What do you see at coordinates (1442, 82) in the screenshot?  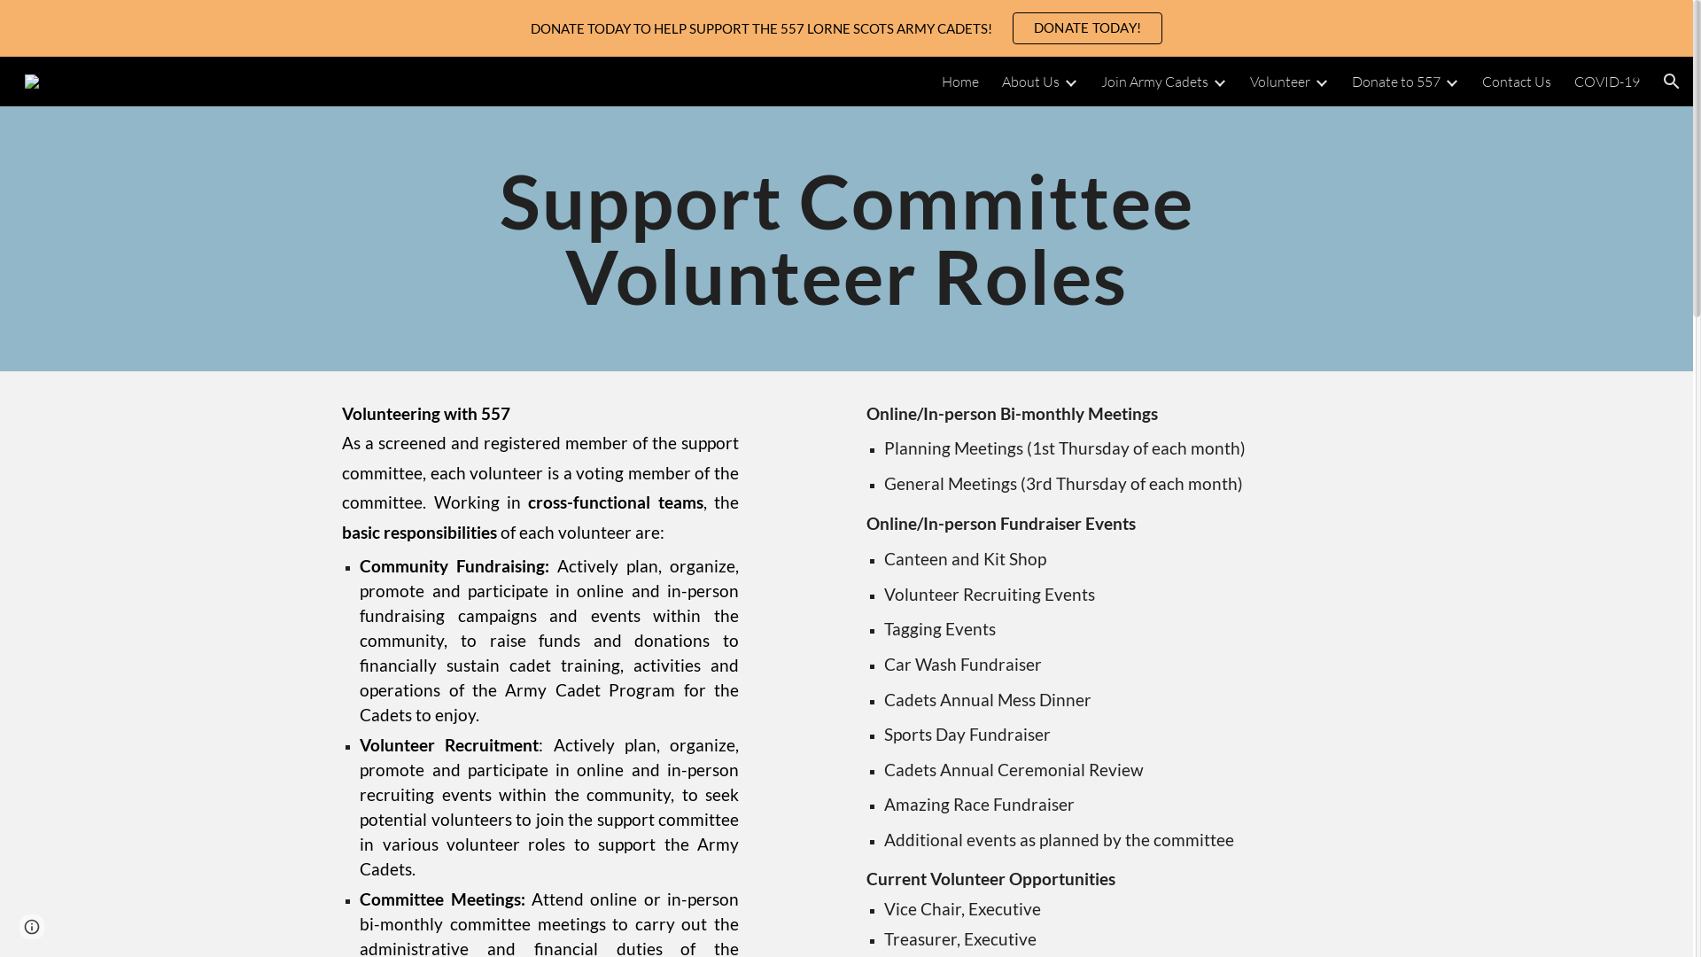 I see `'Expand/Collapse'` at bounding box center [1442, 82].